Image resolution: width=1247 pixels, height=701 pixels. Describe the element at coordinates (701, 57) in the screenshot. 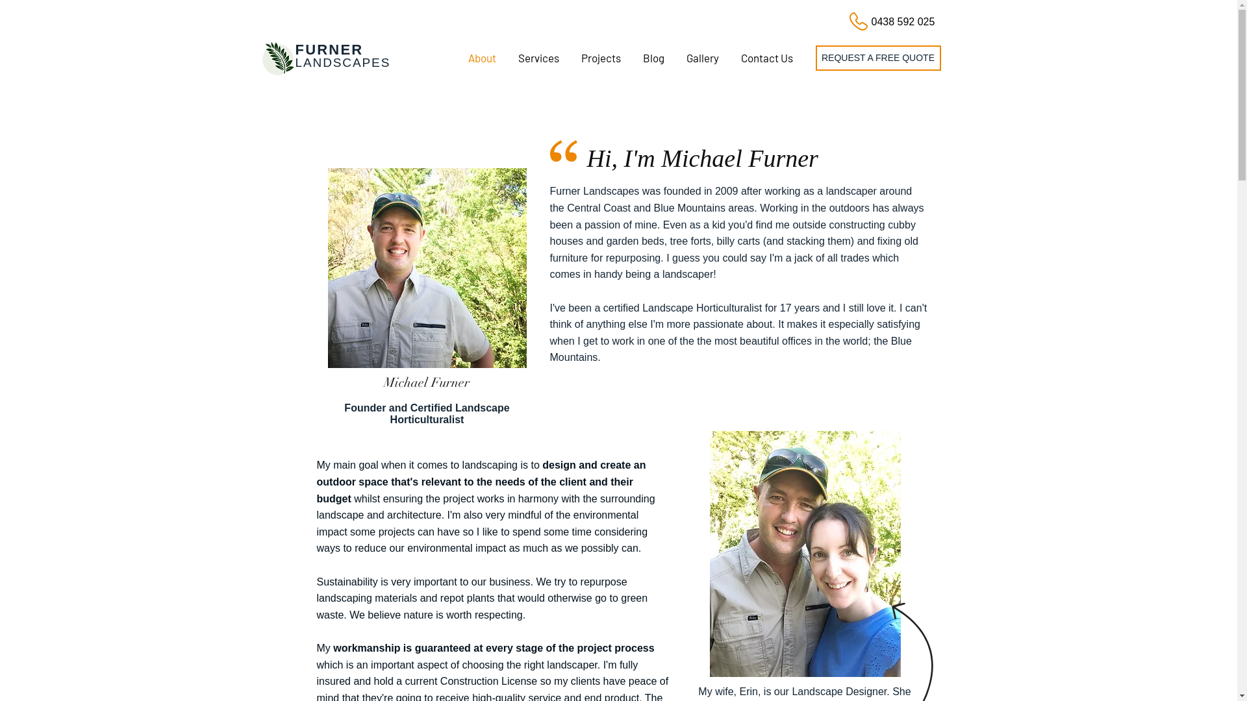

I see `'Gallery'` at that location.